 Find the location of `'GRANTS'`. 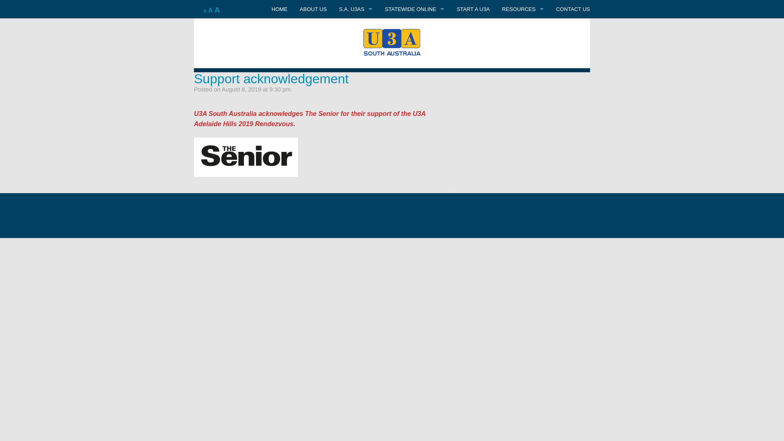

'GRANTS' is located at coordinates (523, 46).